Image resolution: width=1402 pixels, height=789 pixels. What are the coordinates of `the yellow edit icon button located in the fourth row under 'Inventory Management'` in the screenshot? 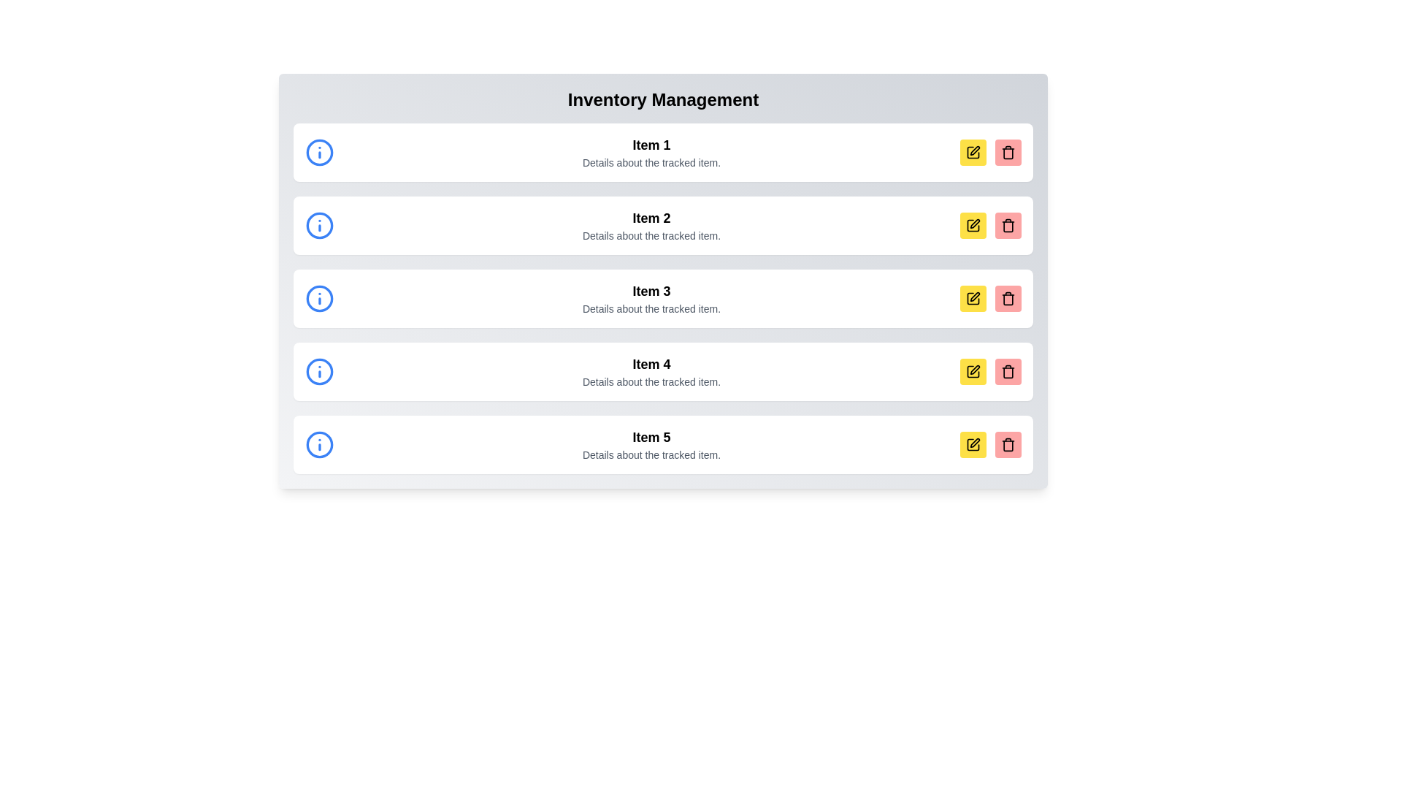 It's located at (973, 297).